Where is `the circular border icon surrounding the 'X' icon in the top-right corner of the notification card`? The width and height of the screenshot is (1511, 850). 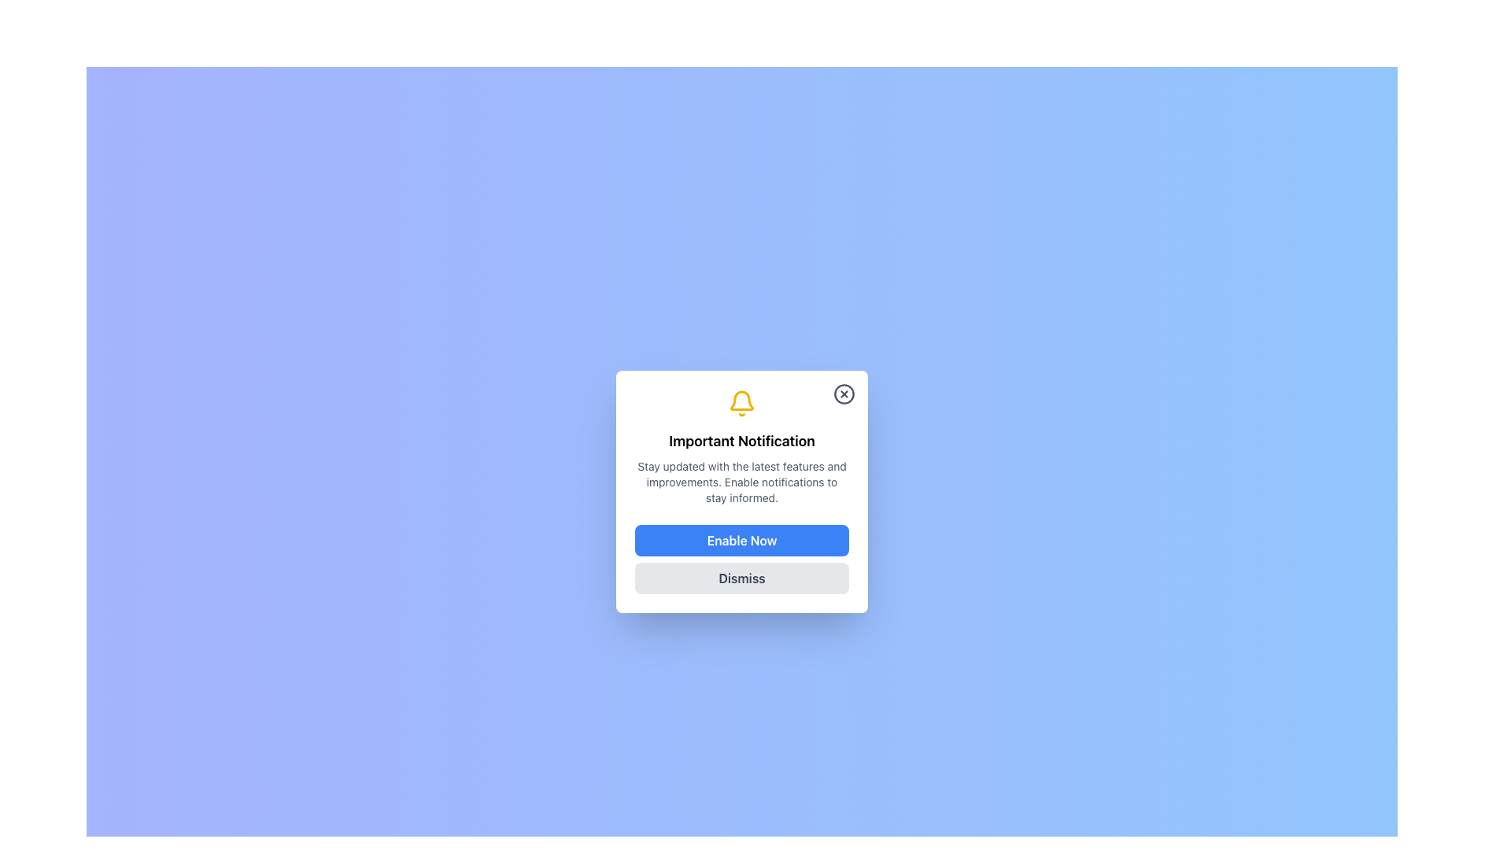 the circular border icon surrounding the 'X' icon in the top-right corner of the notification card is located at coordinates (844, 394).